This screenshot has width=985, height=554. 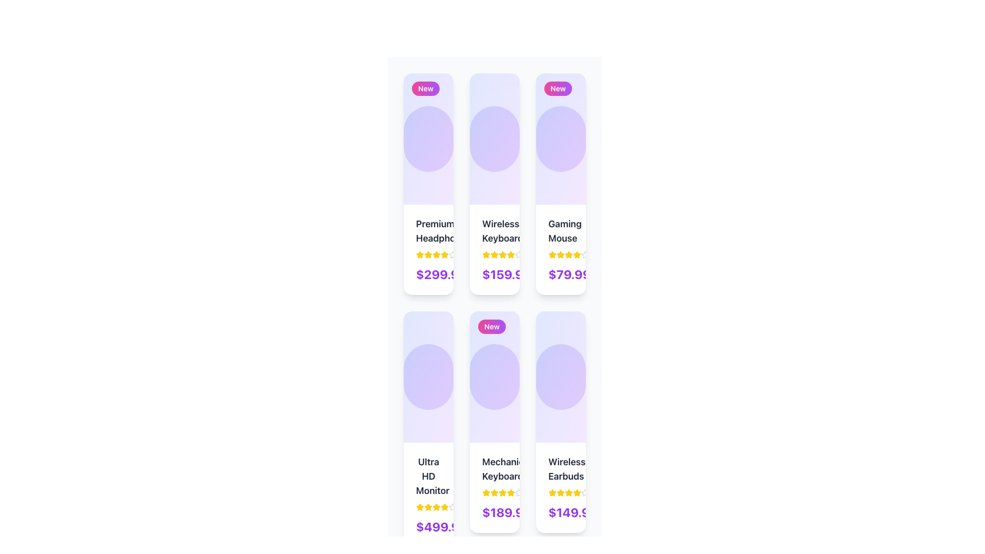 I want to click on the last product card in the third row of the grid layout, so click(x=560, y=429).